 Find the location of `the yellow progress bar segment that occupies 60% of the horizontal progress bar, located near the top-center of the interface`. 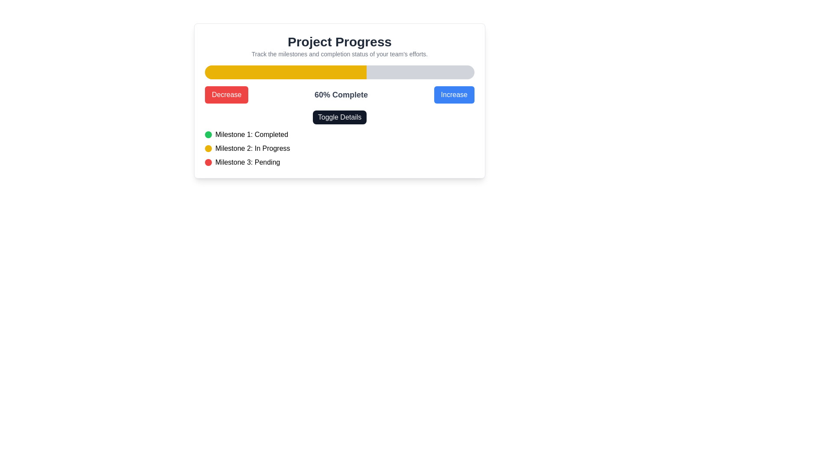

the yellow progress bar segment that occupies 60% of the horizontal progress bar, located near the top-center of the interface is located at coordinates (286, 71).